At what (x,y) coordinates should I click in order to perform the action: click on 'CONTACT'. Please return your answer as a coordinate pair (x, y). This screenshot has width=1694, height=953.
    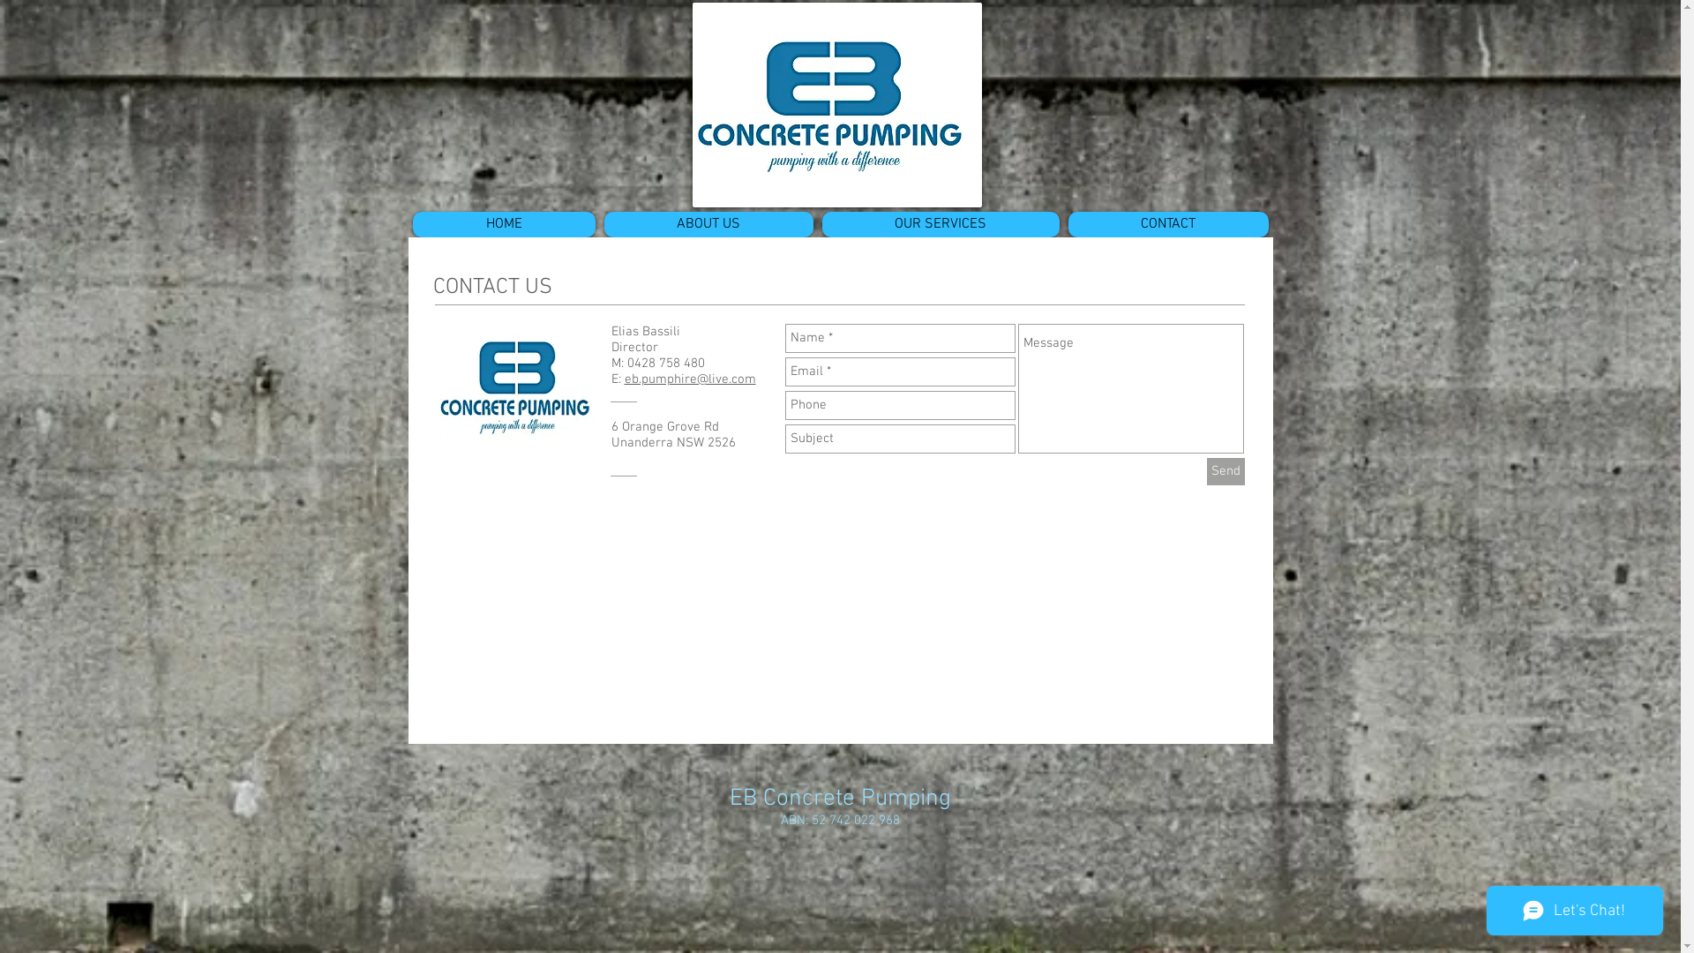
    Looking at the image, I should click on (1066, 223).